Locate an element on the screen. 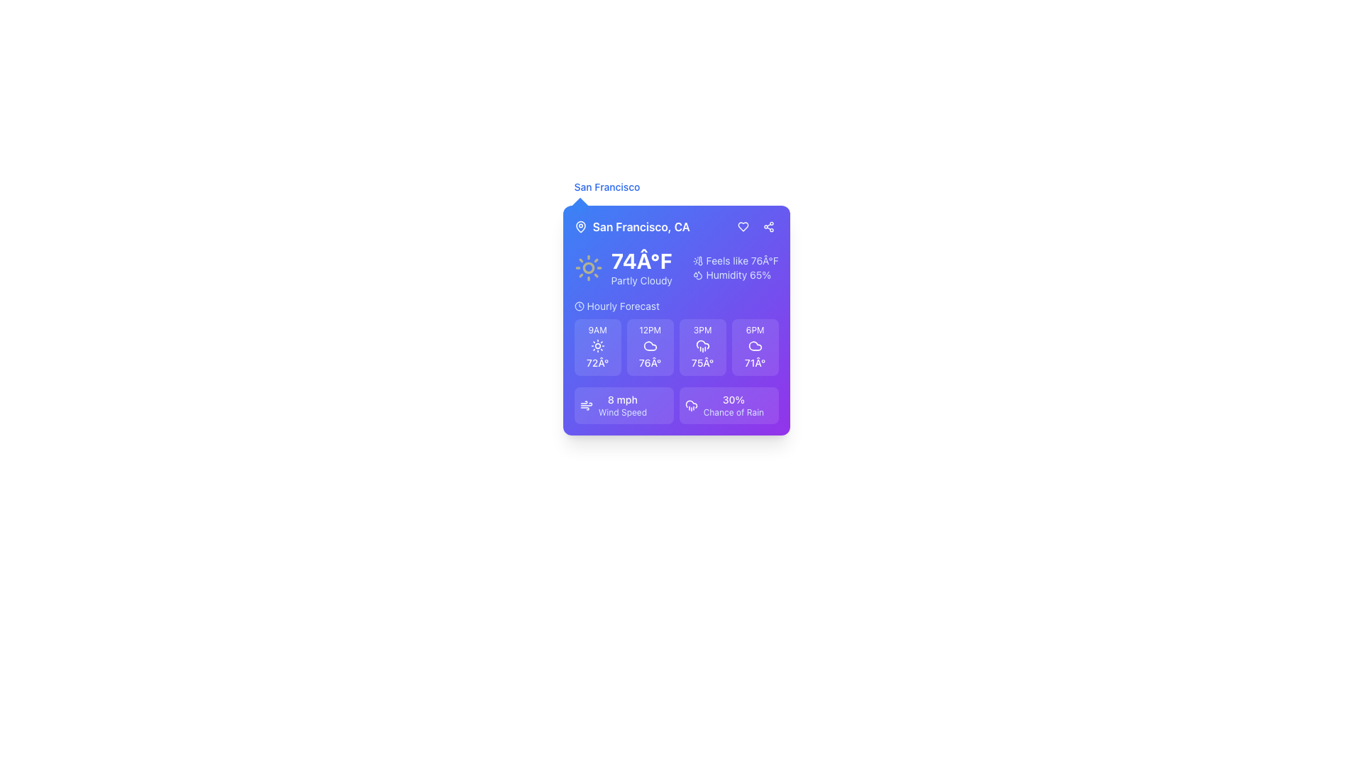 The height and width of the screenshot is (766, 1362). the thermometer icon with a sun motif, which is positioned to the left of the text 'Feels like 76°F' in the upper-right quadrant of the weather card widget is located at coordinates (698, 260).